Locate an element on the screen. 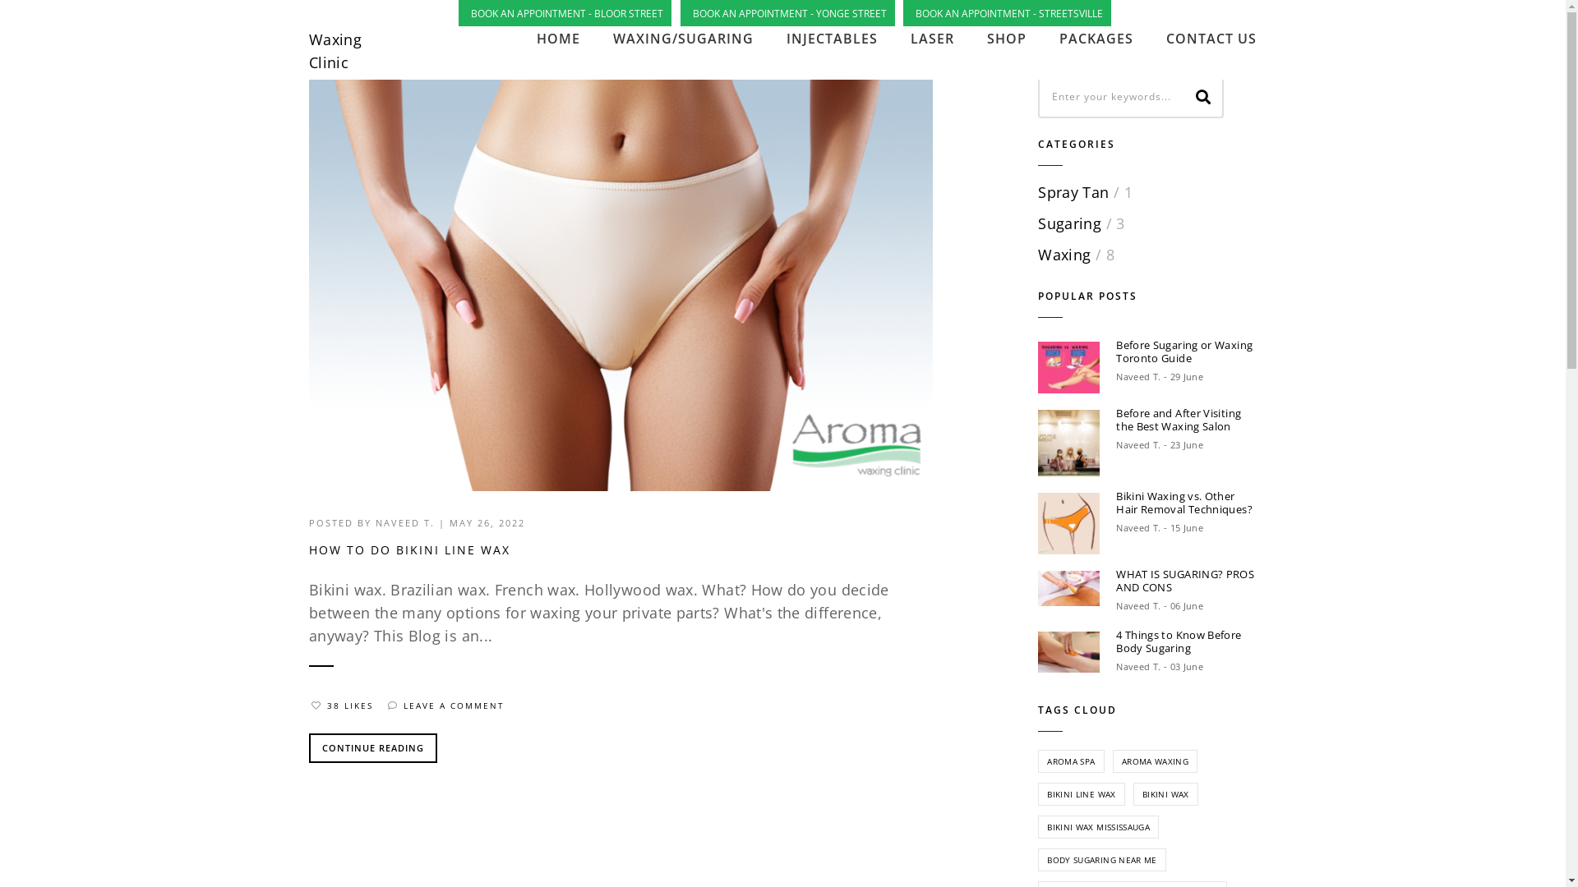 This screenshot has height=887, width=1578. 'Leg sugaring Toronto' is located at coordinates (1068, 651).